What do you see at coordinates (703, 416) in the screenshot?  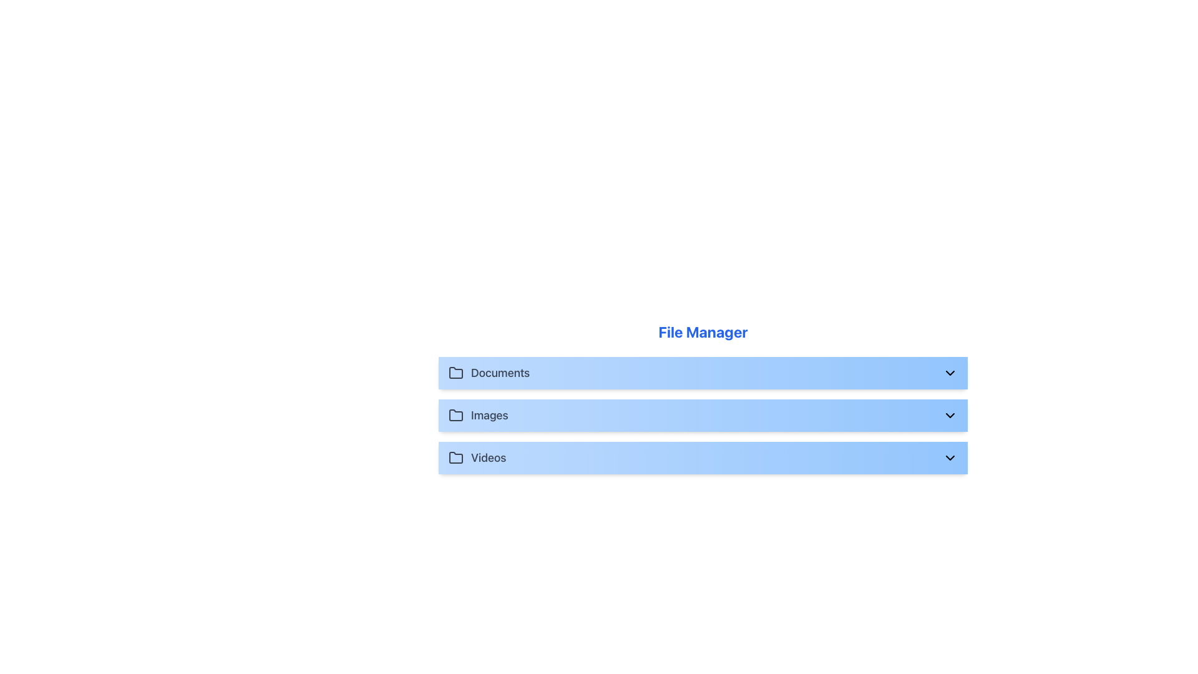 I see `the 'Images' category expander in the file manager` at bounding box center [703, 416].